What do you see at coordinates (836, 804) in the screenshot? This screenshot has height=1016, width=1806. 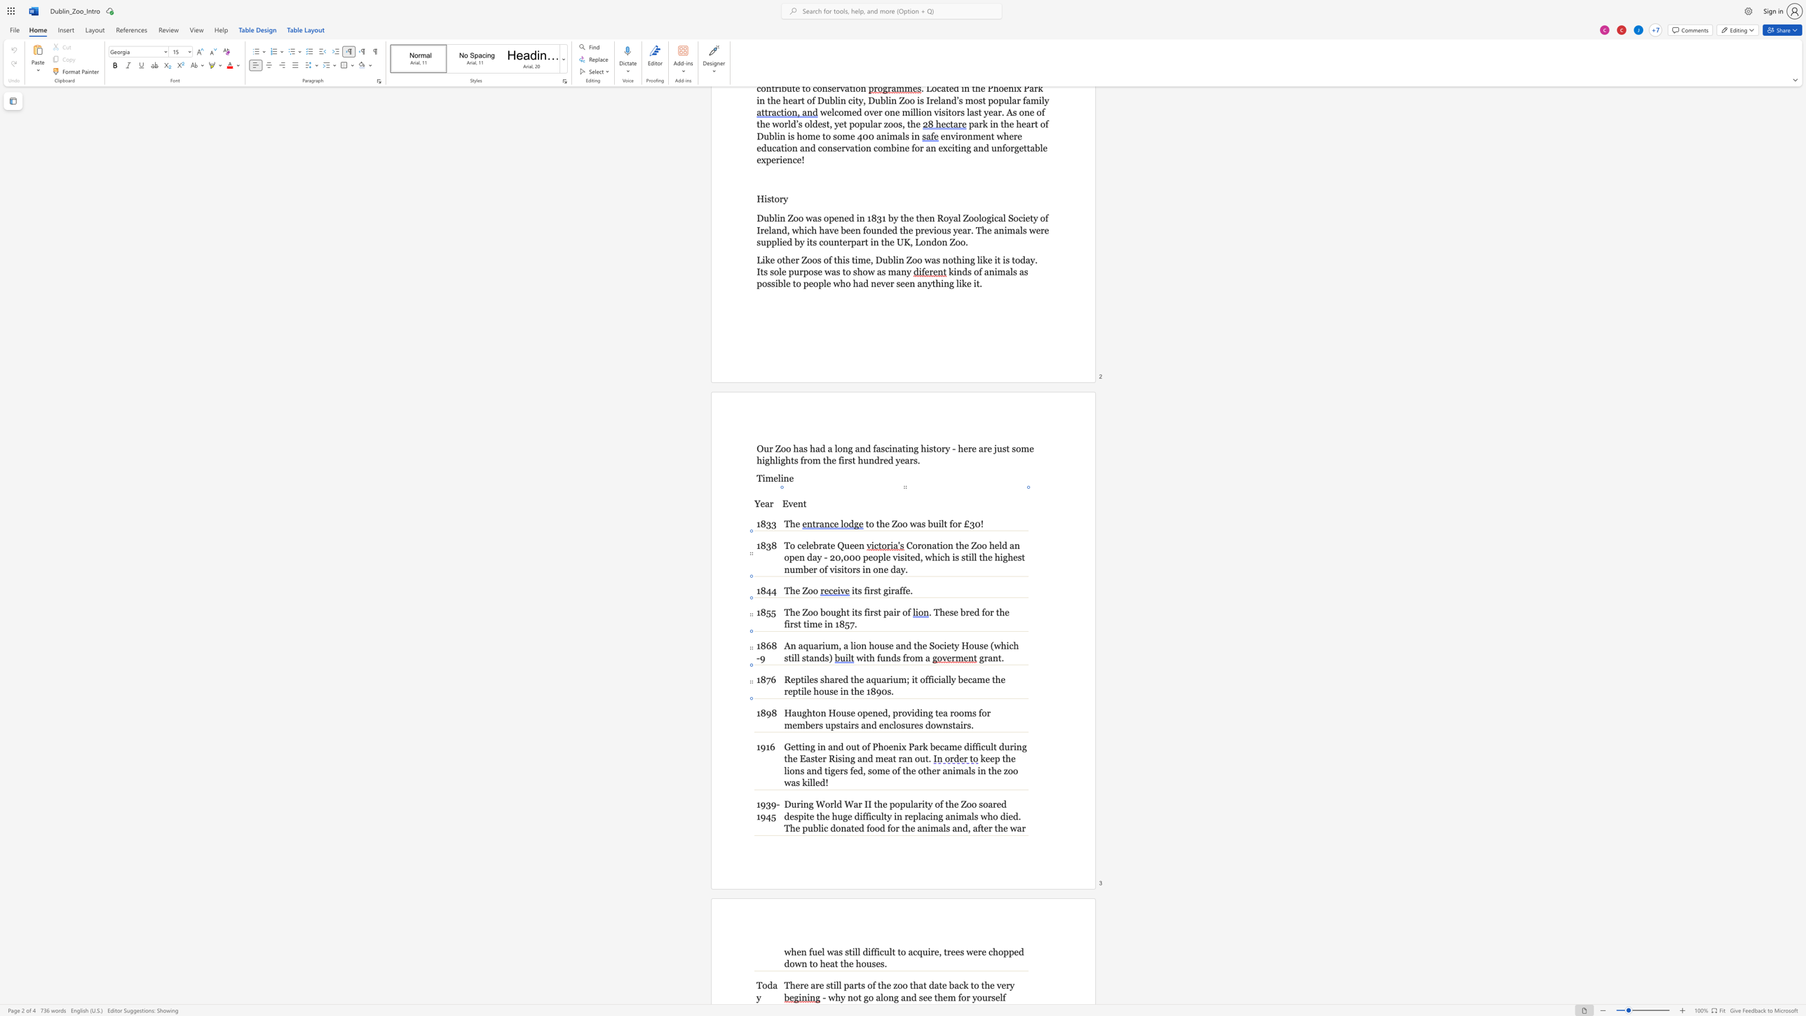 I see `the space between the continuous character "l" and "d" in the text` at bounding box center [836, 804].